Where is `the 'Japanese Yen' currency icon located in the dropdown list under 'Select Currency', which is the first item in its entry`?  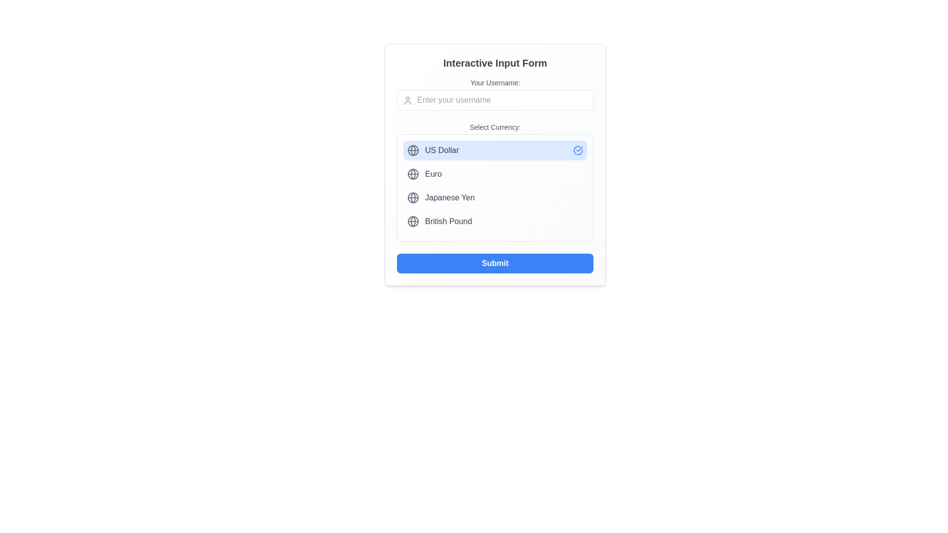 the 'Japanese Yen' currency icon located in the dropdown list under 'Select Currency', which is the first item in its entry is located at coordinates (413, 198).